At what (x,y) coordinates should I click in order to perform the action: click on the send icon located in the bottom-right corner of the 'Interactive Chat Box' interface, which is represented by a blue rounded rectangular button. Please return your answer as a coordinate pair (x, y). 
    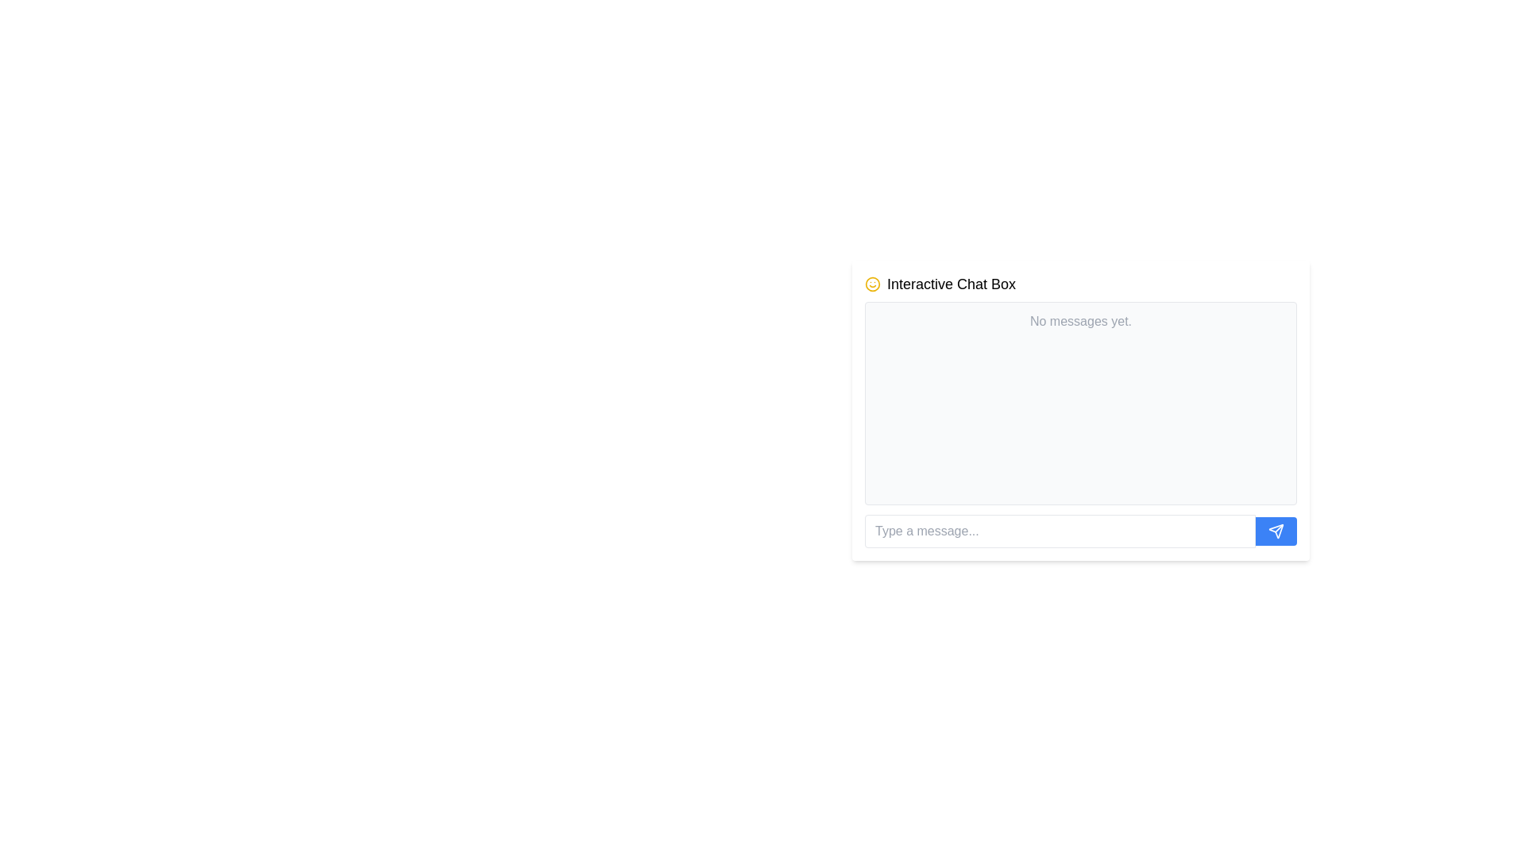
    Looking at the image, I should click on (1276, 531).